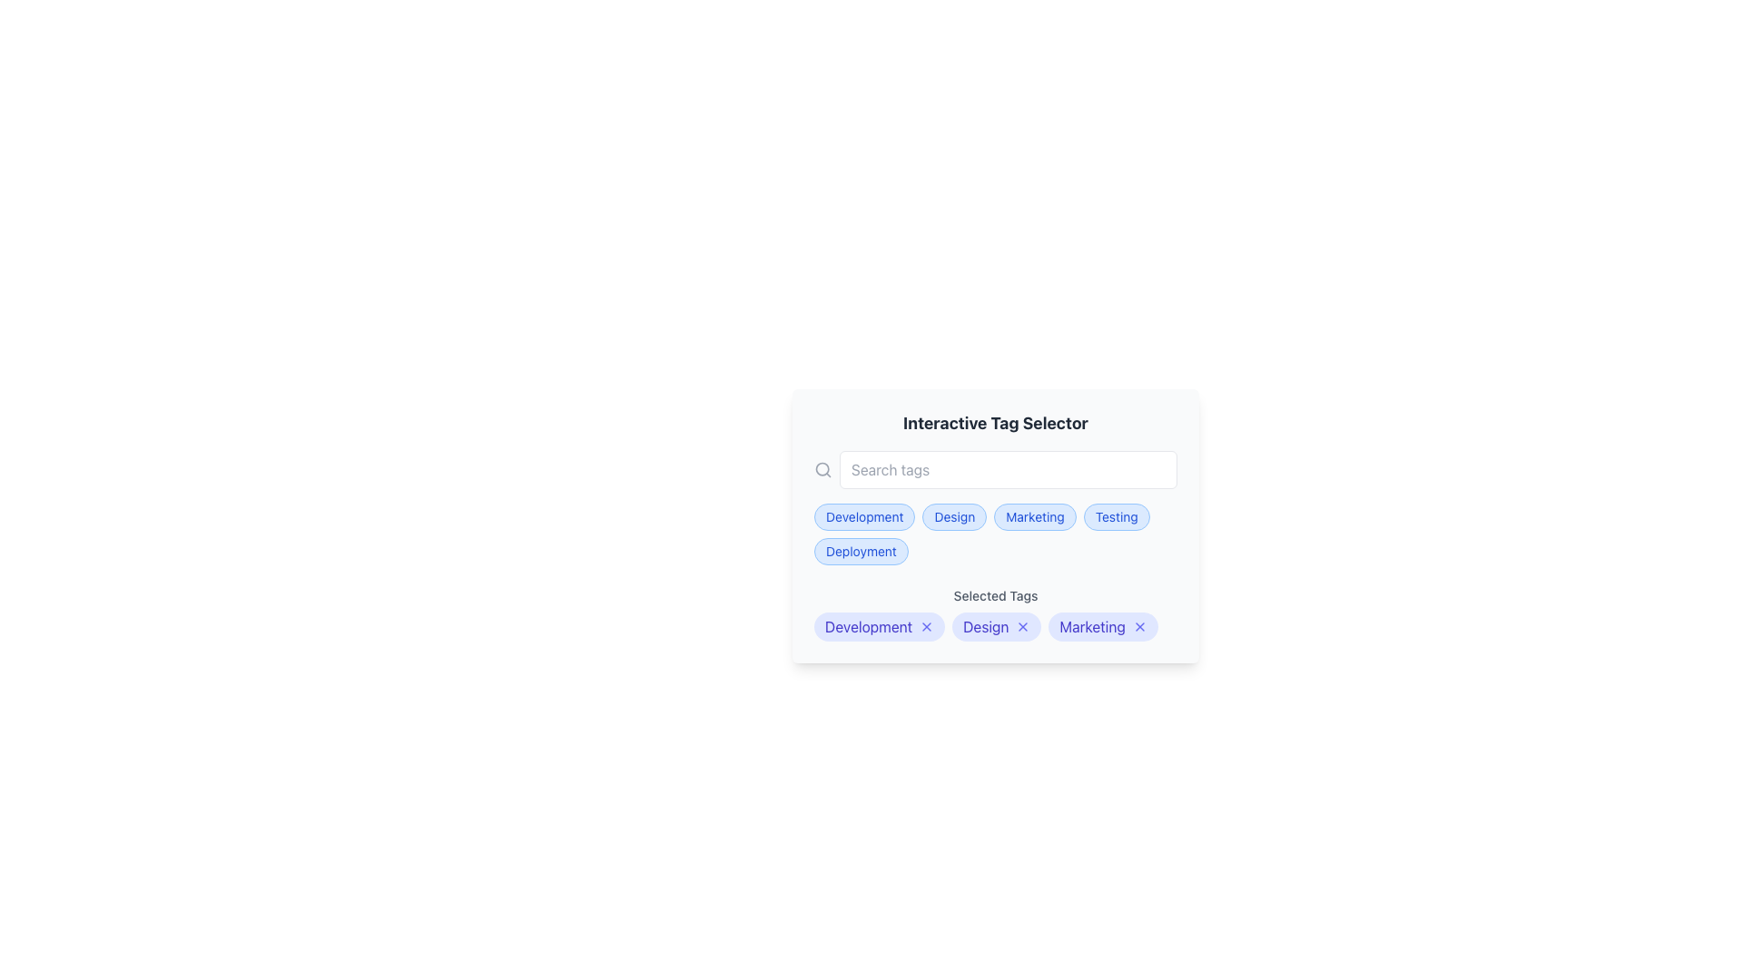 The height and width of the screenshot is (980, 1743). Describe the element at coordinates (996, 625) in the screenshot. I see `the second tag in the 'Selected Tags' section` at that location.